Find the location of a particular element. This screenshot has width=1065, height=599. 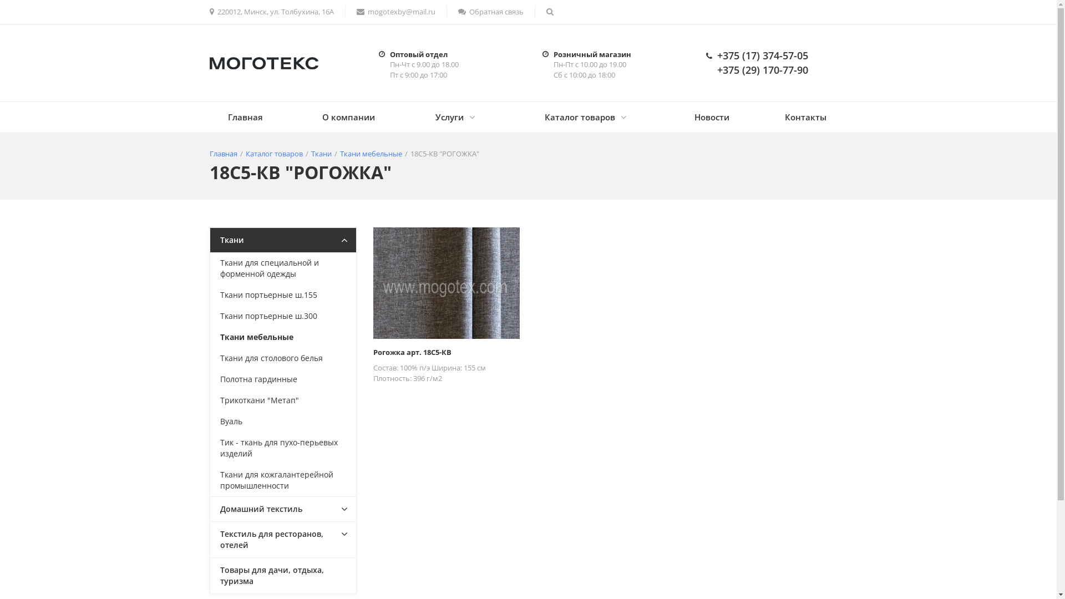

'91+24' is located at coordinates (446, 282).